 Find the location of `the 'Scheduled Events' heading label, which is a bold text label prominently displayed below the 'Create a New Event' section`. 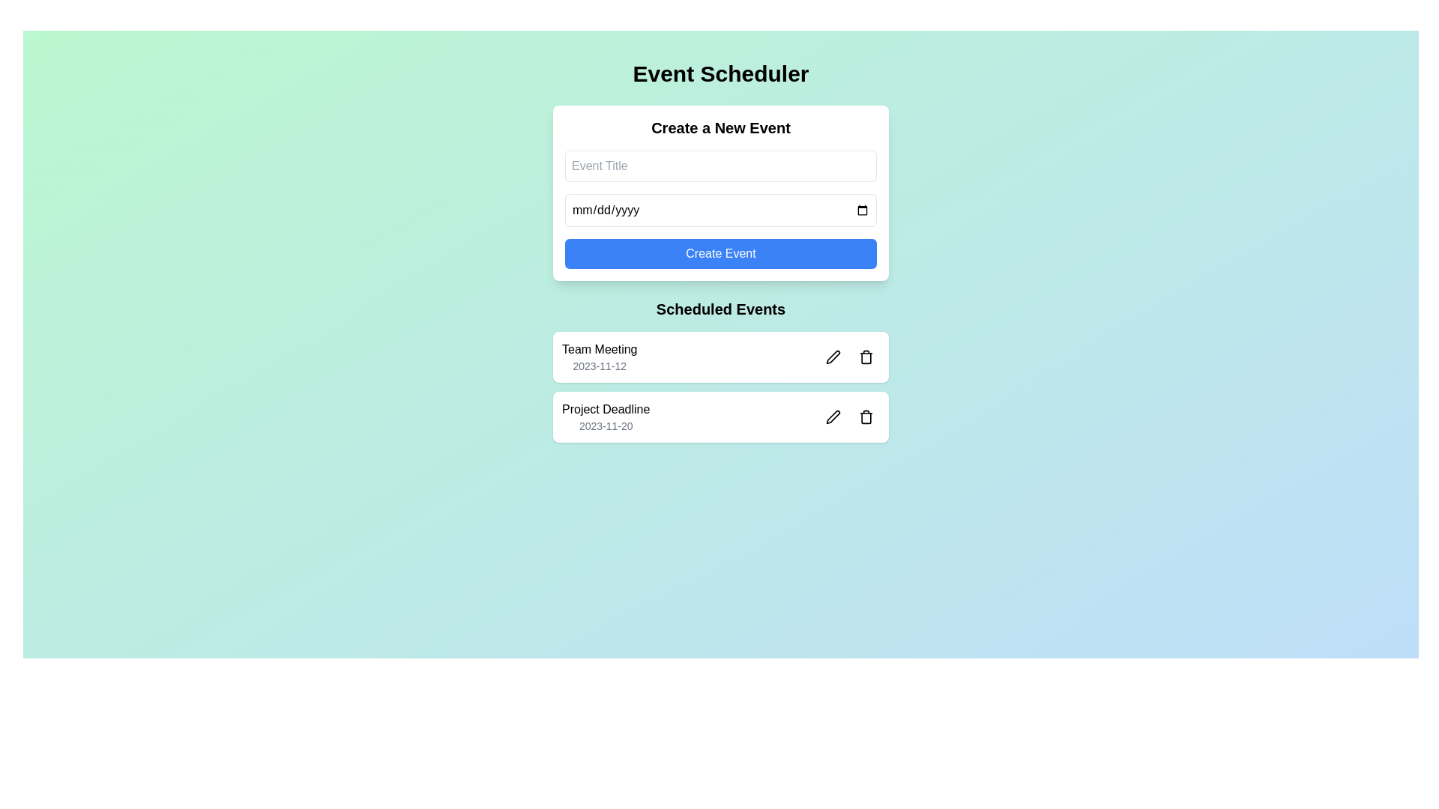

the 'Scheduled Events' heading label, which is a bold text label prominently displayed below the 'Create a New Event' section is located at coordinates (720, 308).